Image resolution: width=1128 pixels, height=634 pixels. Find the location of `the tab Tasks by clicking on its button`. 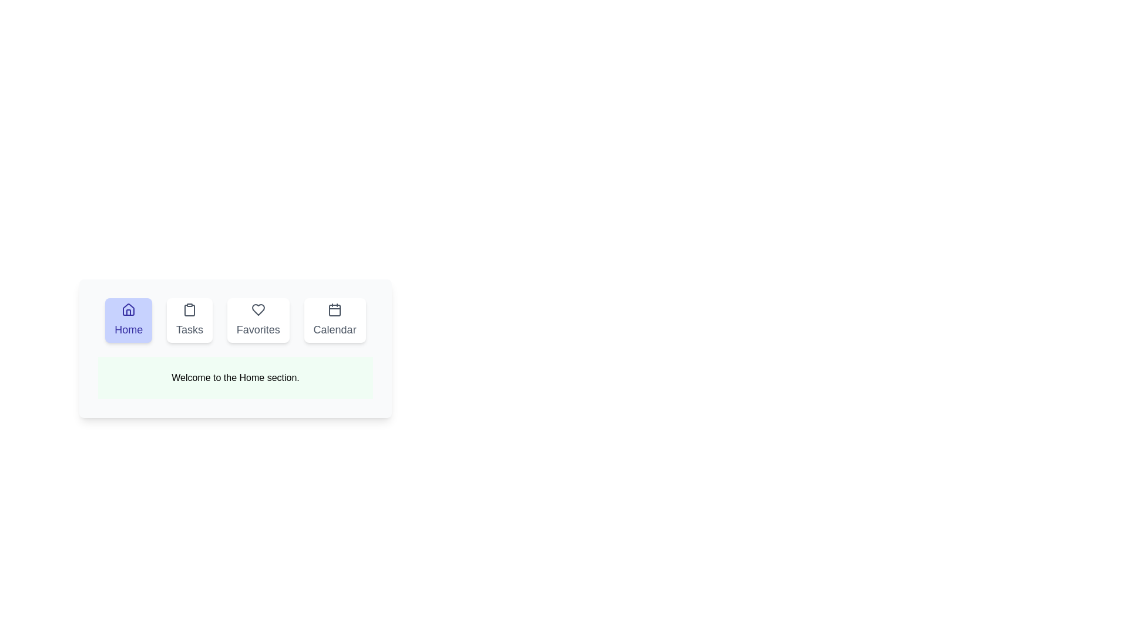

the tab Tasks by clicking on its button is located at coordinates (190, 321).